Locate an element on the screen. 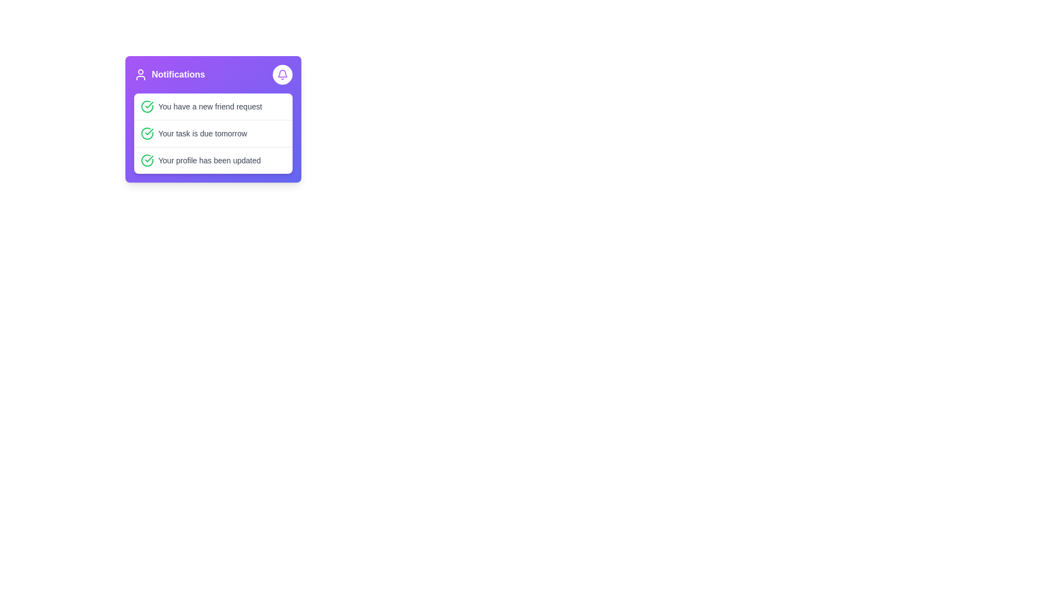 The height and width of the screenshot is (594, 1056). the text label indicating a new friend request received, located in the first notification item of the notification system is located at coordinates (210, 106).